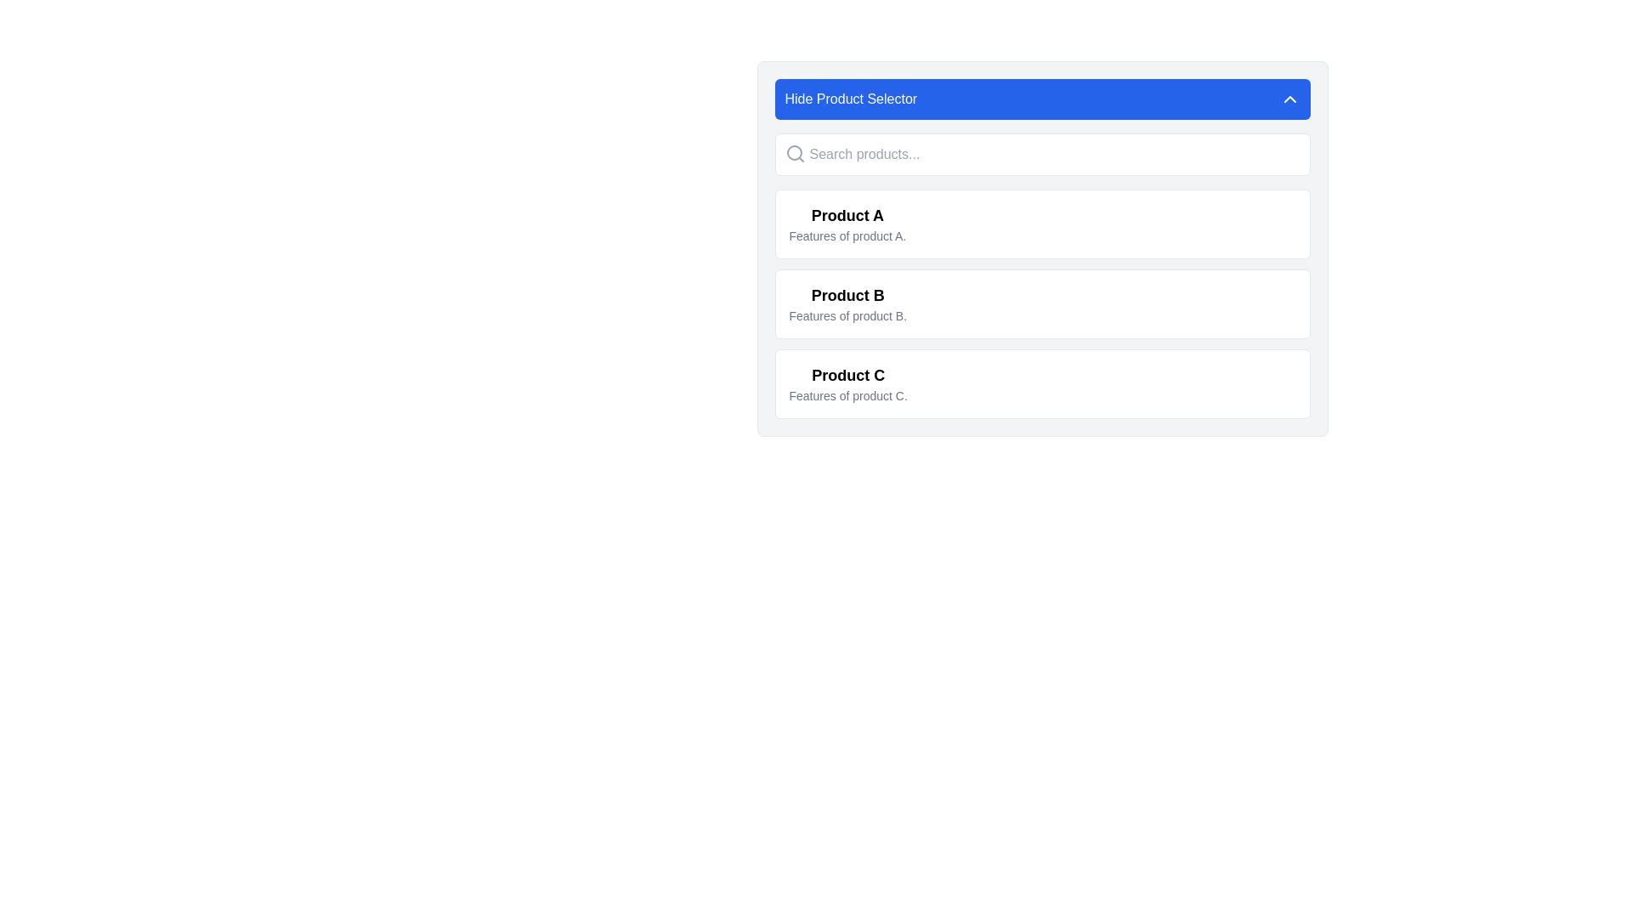 Image resolution: width=1632 pixels, height=918 pixels. Describe the element at coordinates (847, 215) in the screenshot. I see `the product title text label located at the top of the first item in the product list to observe any visual changes` at that location.